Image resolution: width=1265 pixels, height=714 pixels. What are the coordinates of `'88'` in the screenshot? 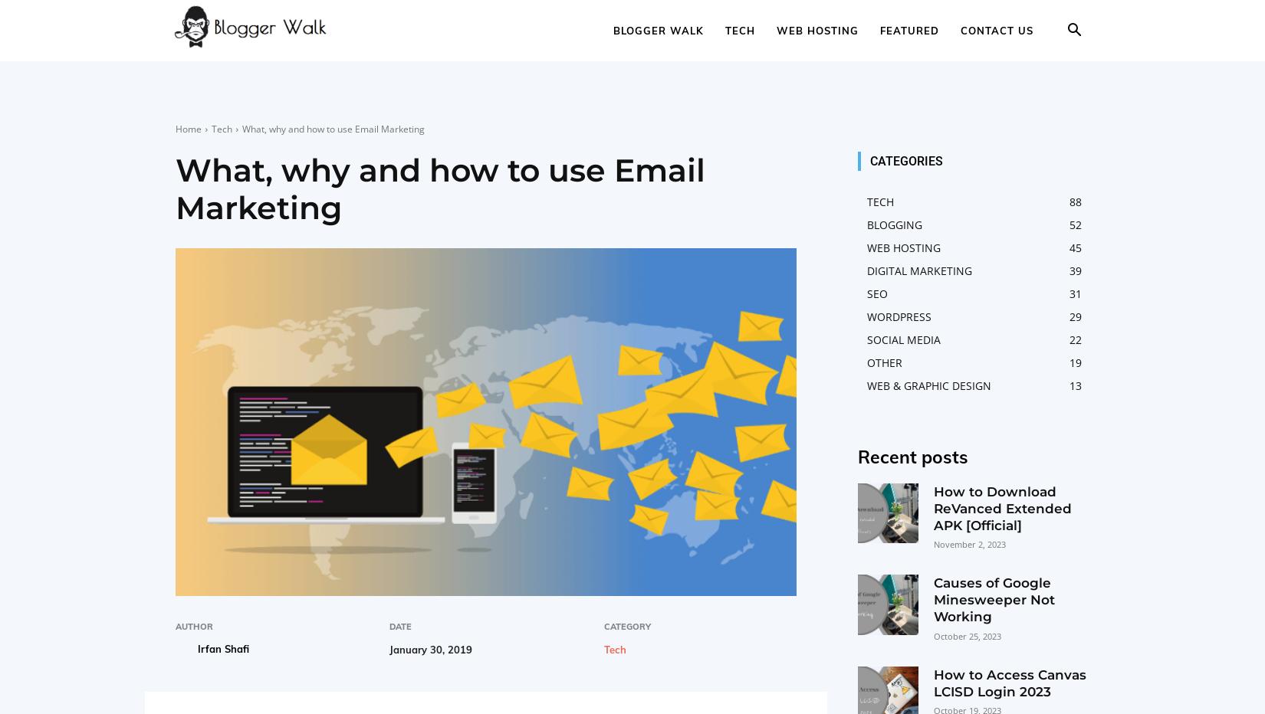 It's located at (1074, 201).